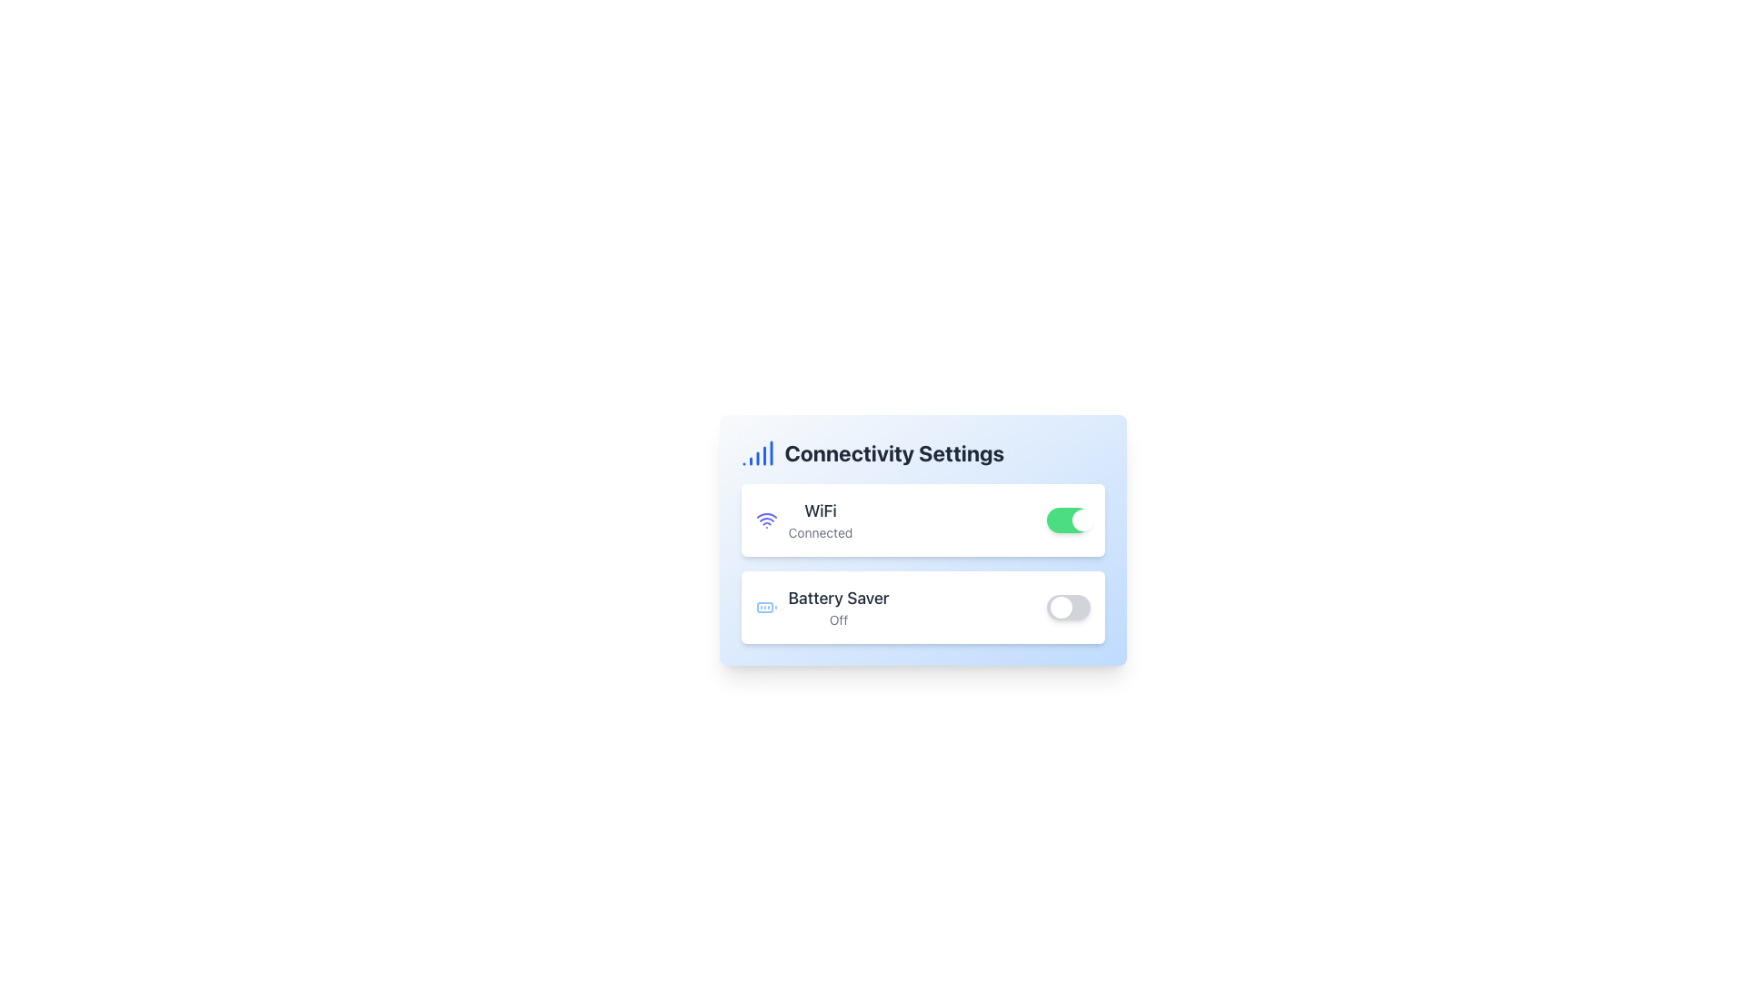 Image resolution: width=1745 pixels, height=981 pixels. What do you see at coordinates (837, 619) in the screenshot?
I see `status indicated by the small text snippet displaying 'Off' in lowercase letters, which is located below the 'Battery Saver' label` at bounding box center [837, 619].